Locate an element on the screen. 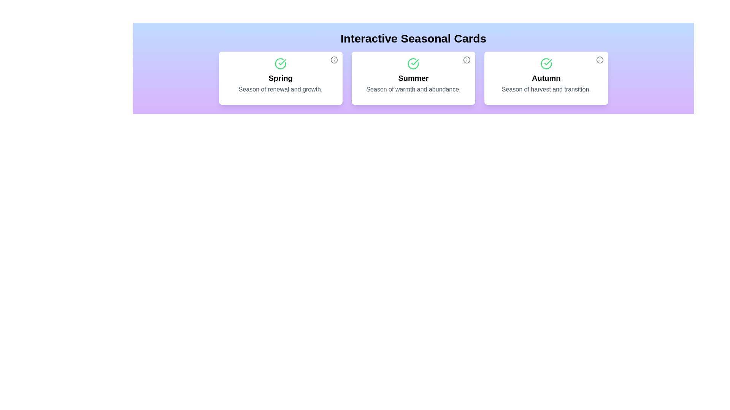 The width and height of the screenshot is (730, 410). the circular gray outlined icon with a minimalistic information symbol located in the top-right corner of the 'Spring' card is located at coordinates (334, 60).